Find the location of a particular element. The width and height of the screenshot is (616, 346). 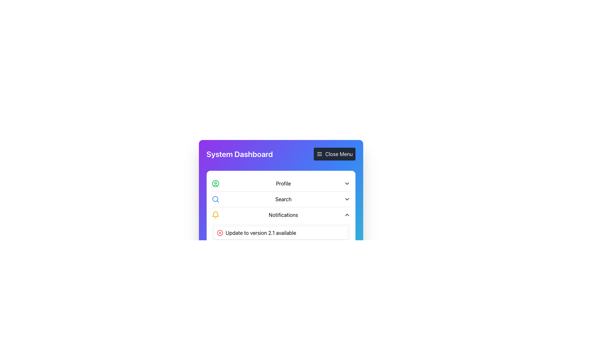

the first notification card in the Notifications section is located at coordinates (281, 233).